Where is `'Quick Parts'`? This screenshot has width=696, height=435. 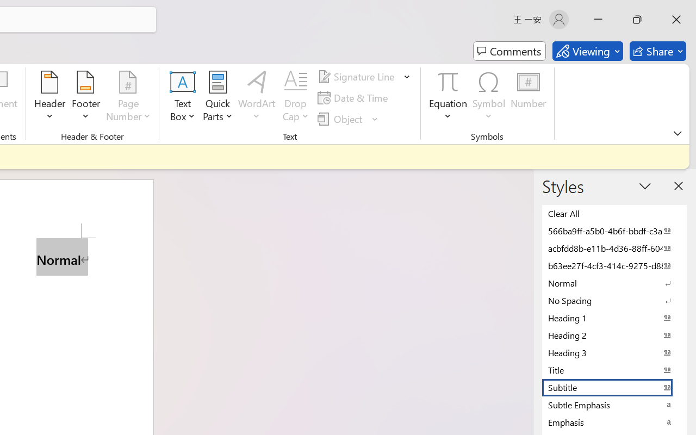
'Quick Parts' is located at coordinates (217, 97).